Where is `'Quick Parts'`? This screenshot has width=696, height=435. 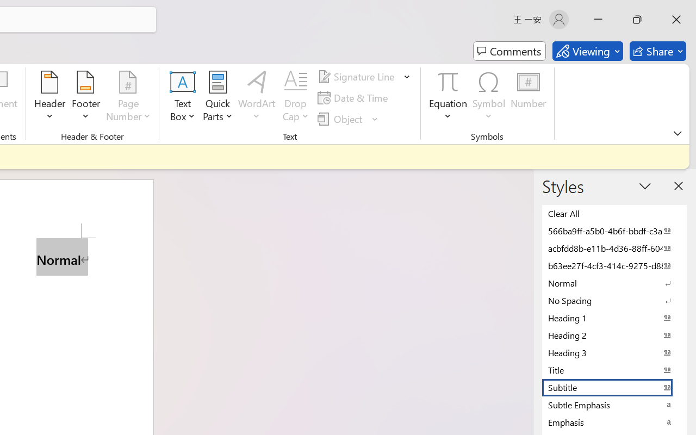
'Quick Parts' is located at coordinates (217, 97).